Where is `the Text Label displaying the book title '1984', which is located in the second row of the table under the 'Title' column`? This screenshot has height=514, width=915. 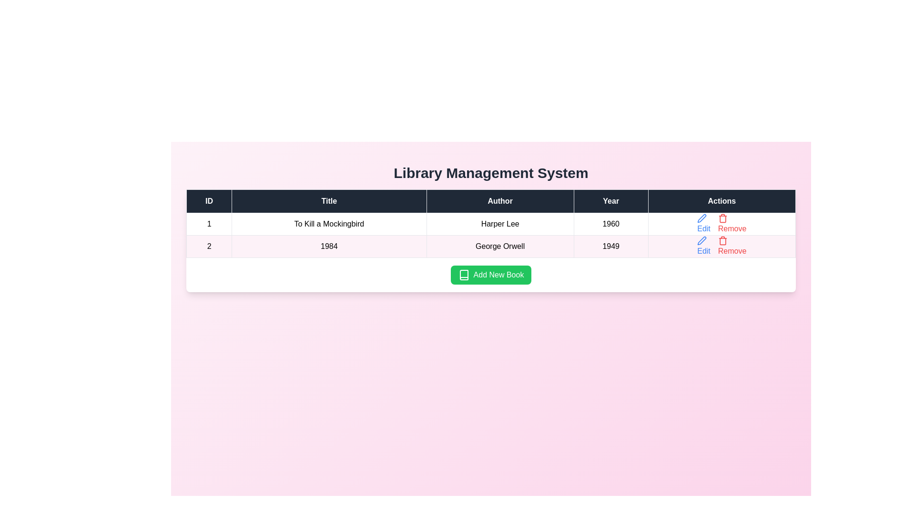 the Text Label displaying the book title '1984', which is located in the second row of the table under the 'Title' column is located at coordinates (329, 246).